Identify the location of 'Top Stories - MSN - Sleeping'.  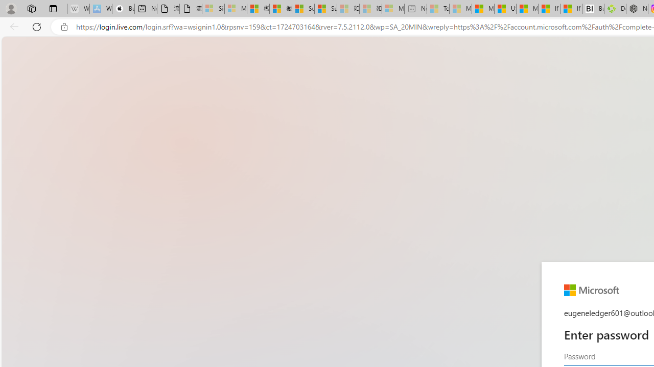
(438, 9).